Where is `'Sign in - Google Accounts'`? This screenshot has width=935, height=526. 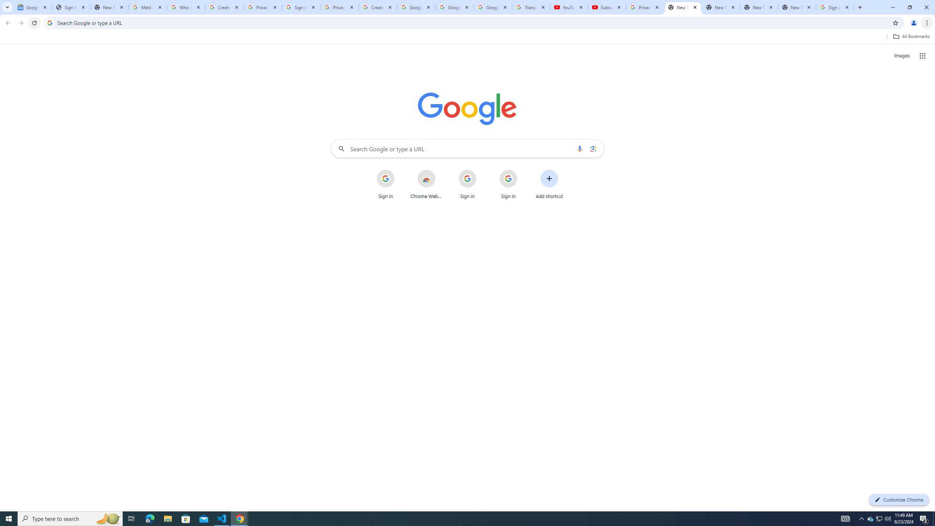 'Sign in - Google Accounts' is located at coordinates (835, 7).